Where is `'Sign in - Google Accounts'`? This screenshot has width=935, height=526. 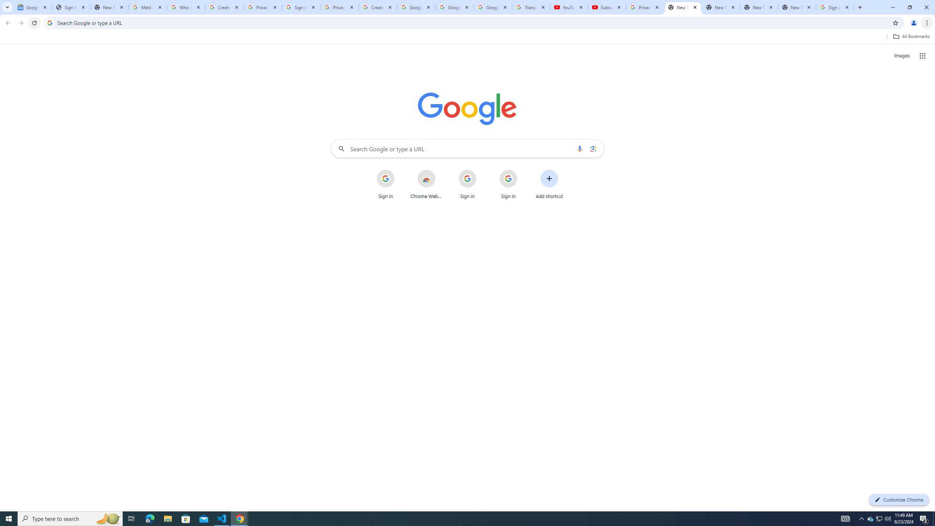 'Sign in - Google Accounts' is located at coordinates (835, 7).